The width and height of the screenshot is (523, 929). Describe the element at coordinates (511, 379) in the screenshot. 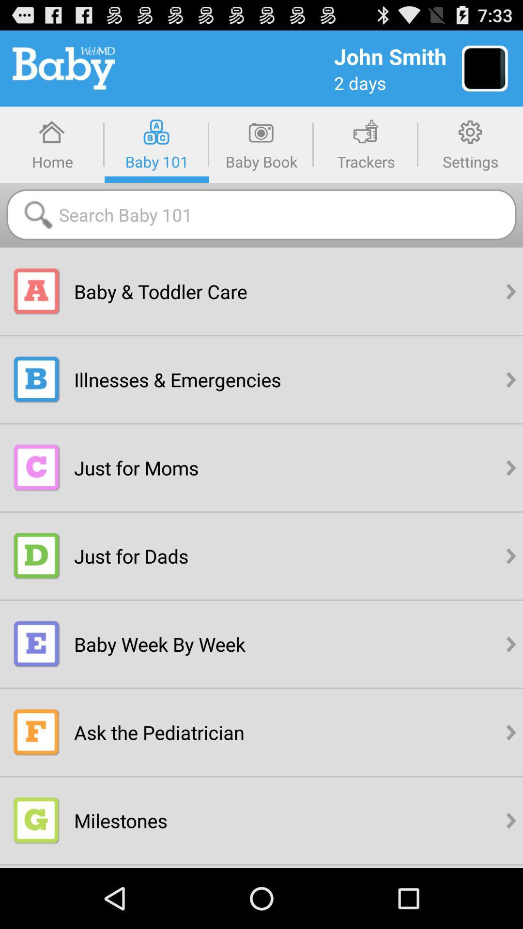

I see `the right faced arrow present in option b` at that location.